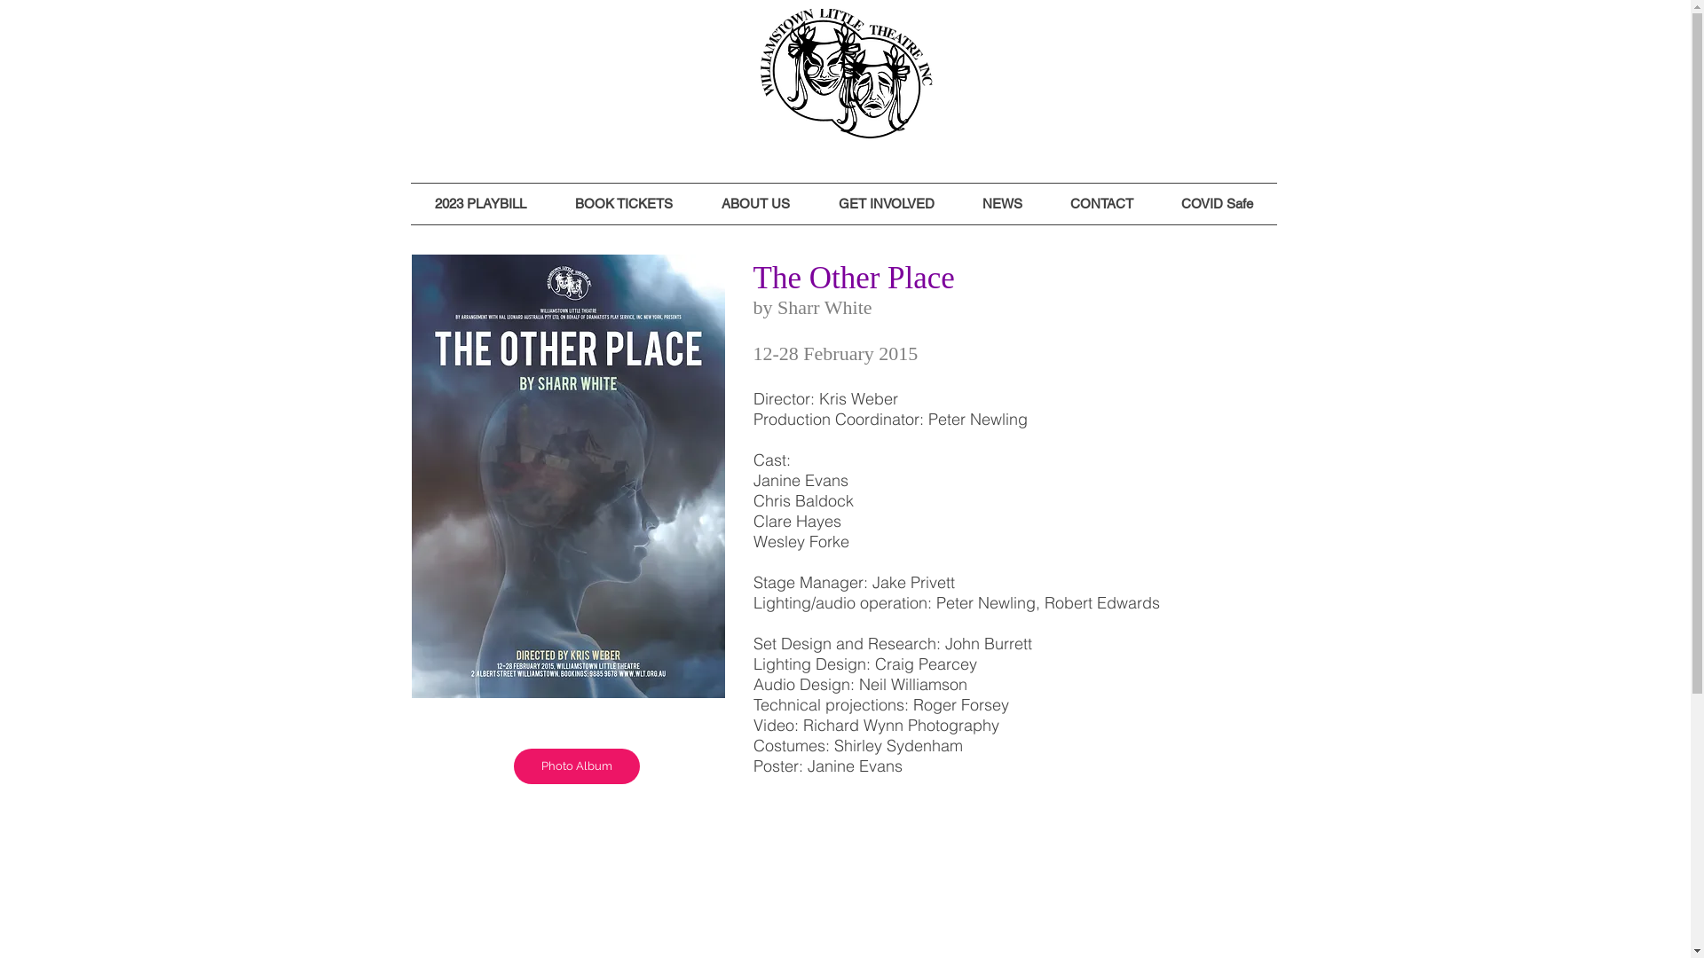 This screenshot has height=958, width=1704. What do you see at coordinates (1100, 203) in the screenshot?
I see `'CONTACT'` at bounding box center [1100, 203].